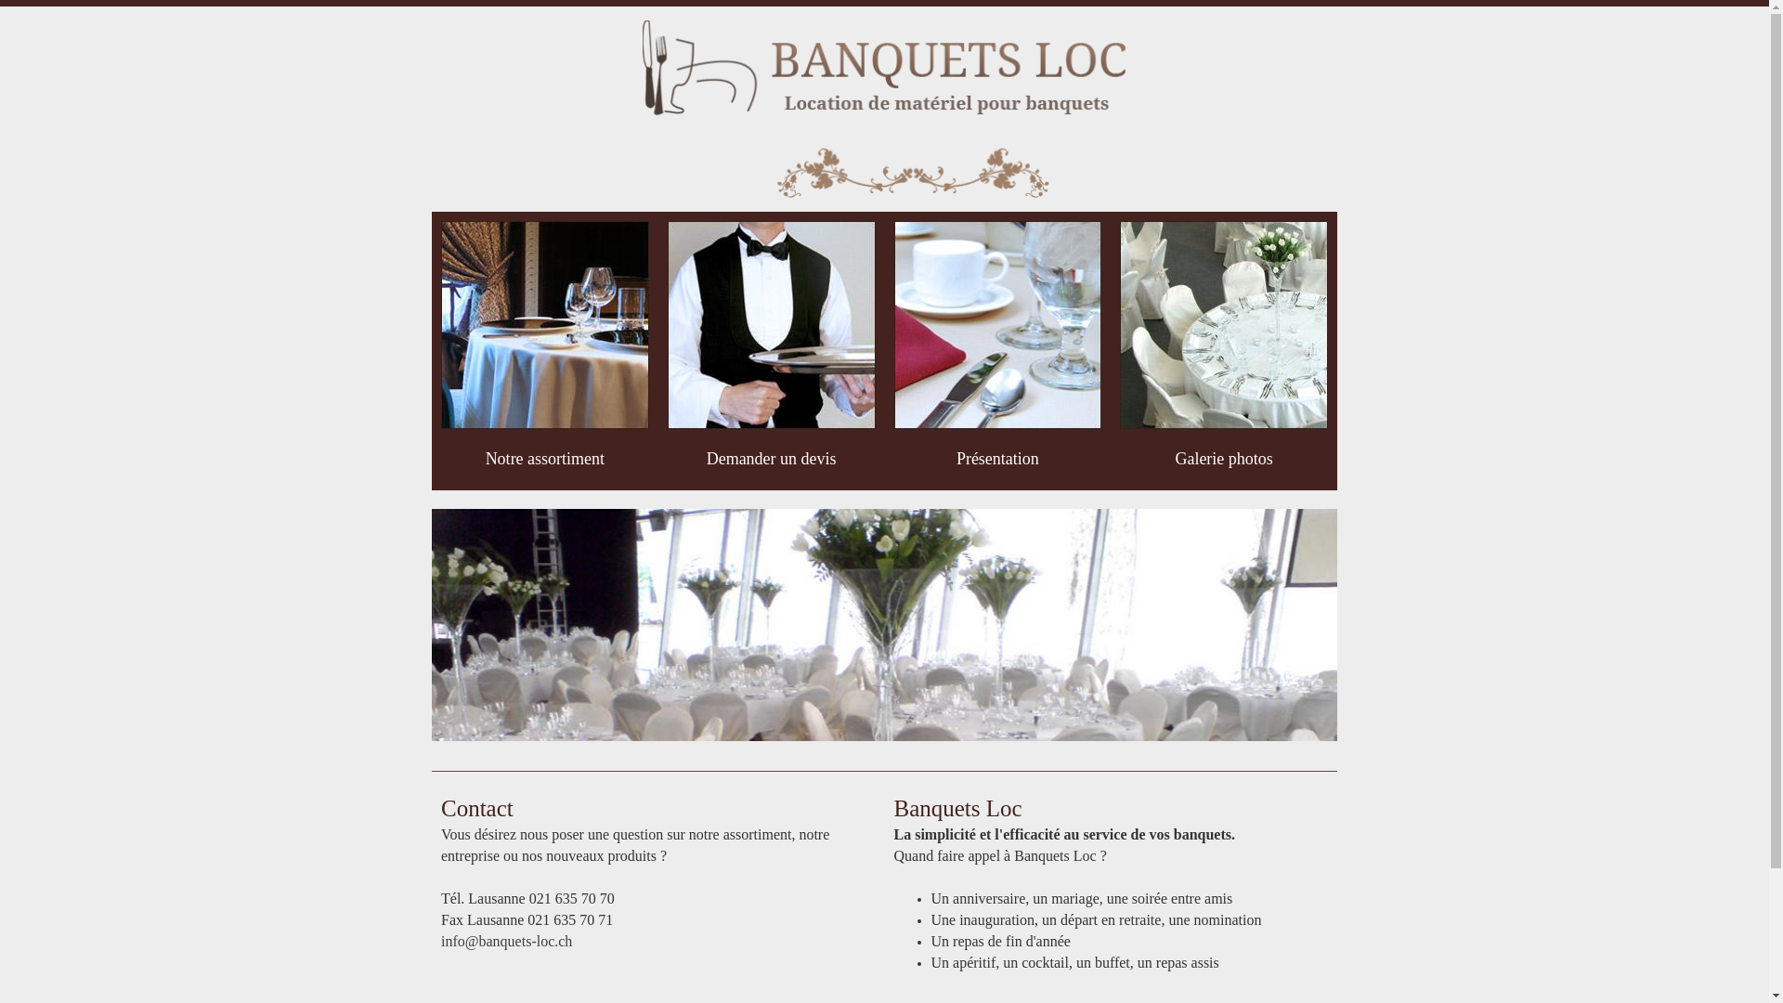 The image size is (1783, 1003). Describe the element at coordinates (440, 941) in the screenshot. I see `'info@banquets-loc.ch'` at that location.